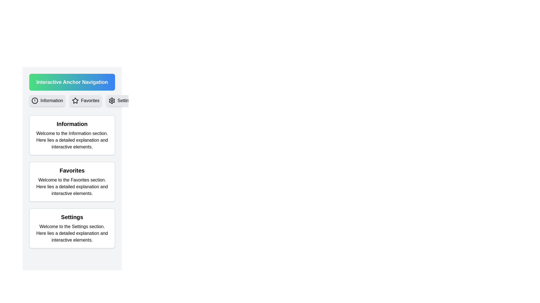 The width and height of the screenshot is (540, 303). What do you see at coordinates (72, 100) in the screenshot?
I see `the navigation button for Favorites, which is the second button in the horizontal navigation bar located below the 'Interactive Anchor Navigation' banner` at bounding box center [72, 100].